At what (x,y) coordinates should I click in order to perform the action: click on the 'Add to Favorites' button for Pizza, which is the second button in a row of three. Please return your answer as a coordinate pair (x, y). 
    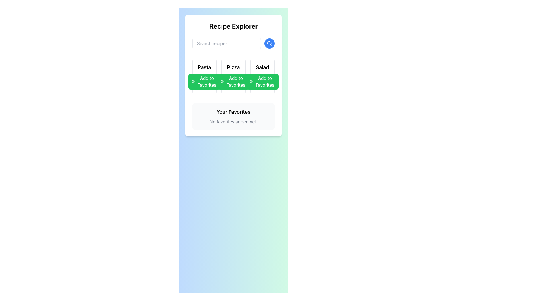
    Looking at the image, I should click on (233, 81).